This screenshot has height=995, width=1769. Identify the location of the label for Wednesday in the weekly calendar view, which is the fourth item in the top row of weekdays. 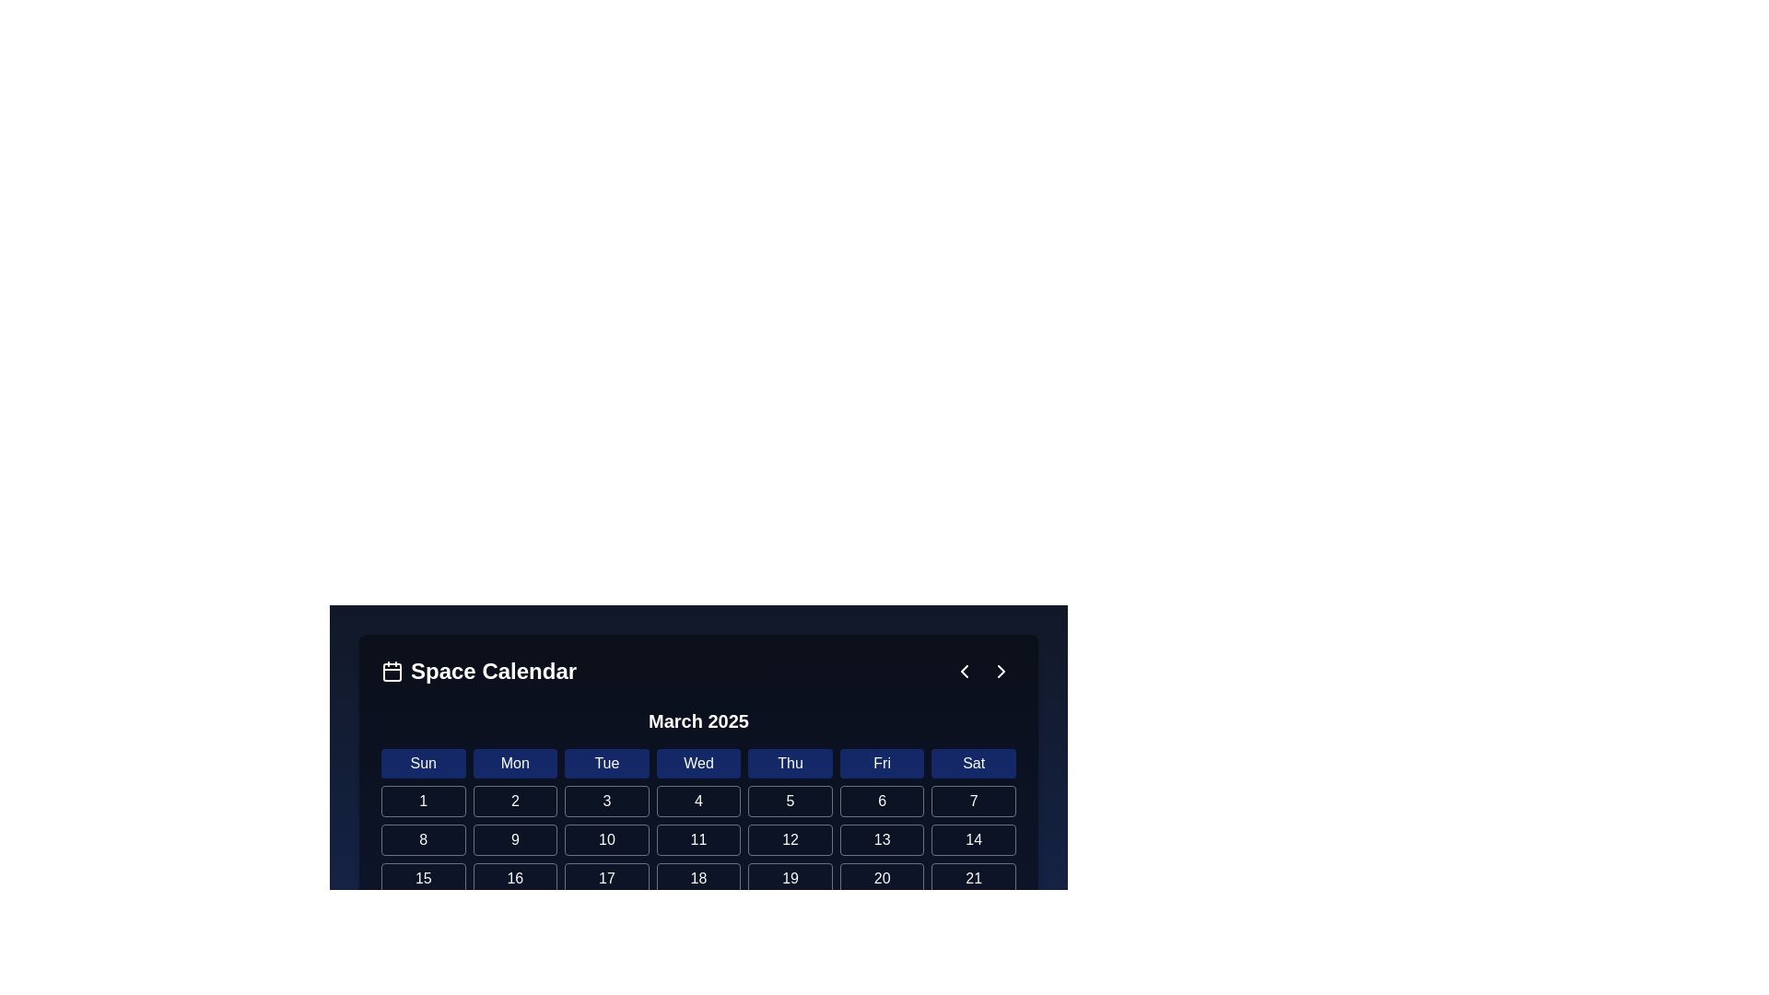
(697, 764).